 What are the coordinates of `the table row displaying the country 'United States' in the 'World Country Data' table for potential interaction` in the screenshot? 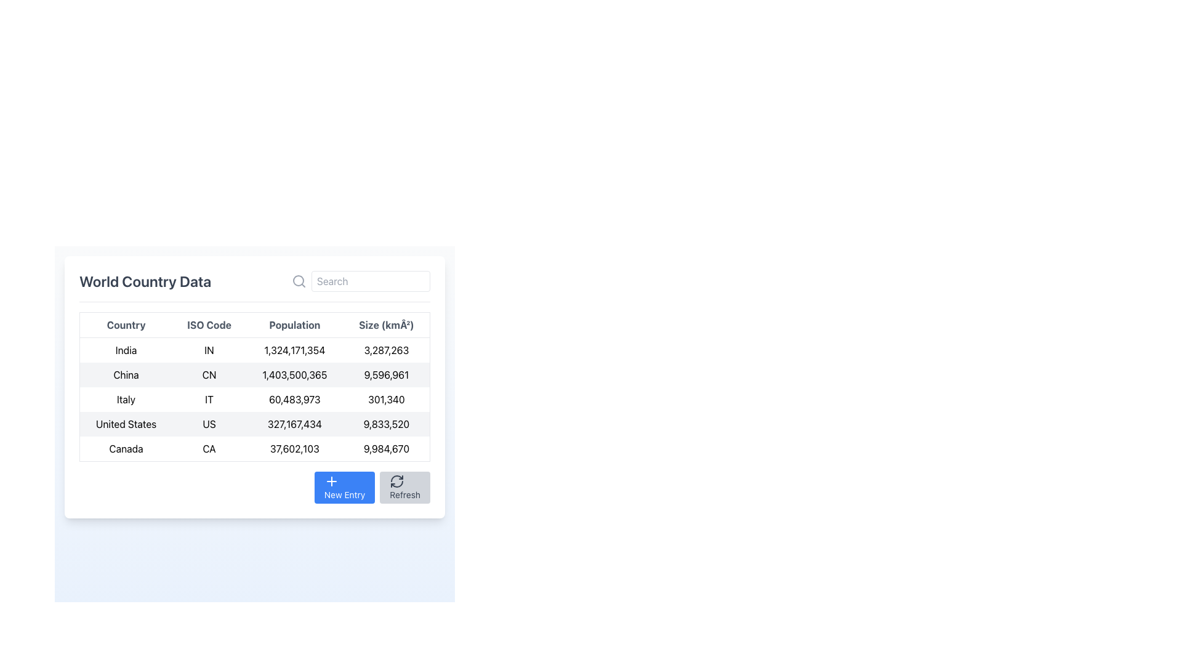 It's located at (254, 424).